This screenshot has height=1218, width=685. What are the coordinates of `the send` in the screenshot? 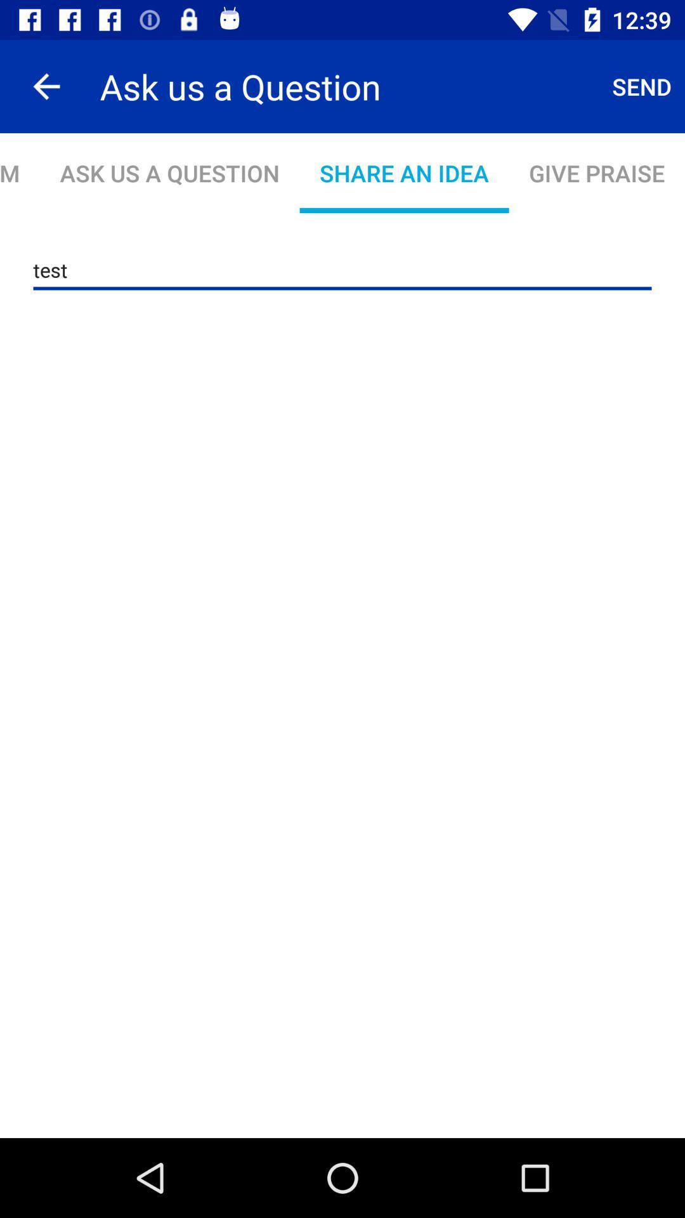 It's located at (642, 86).